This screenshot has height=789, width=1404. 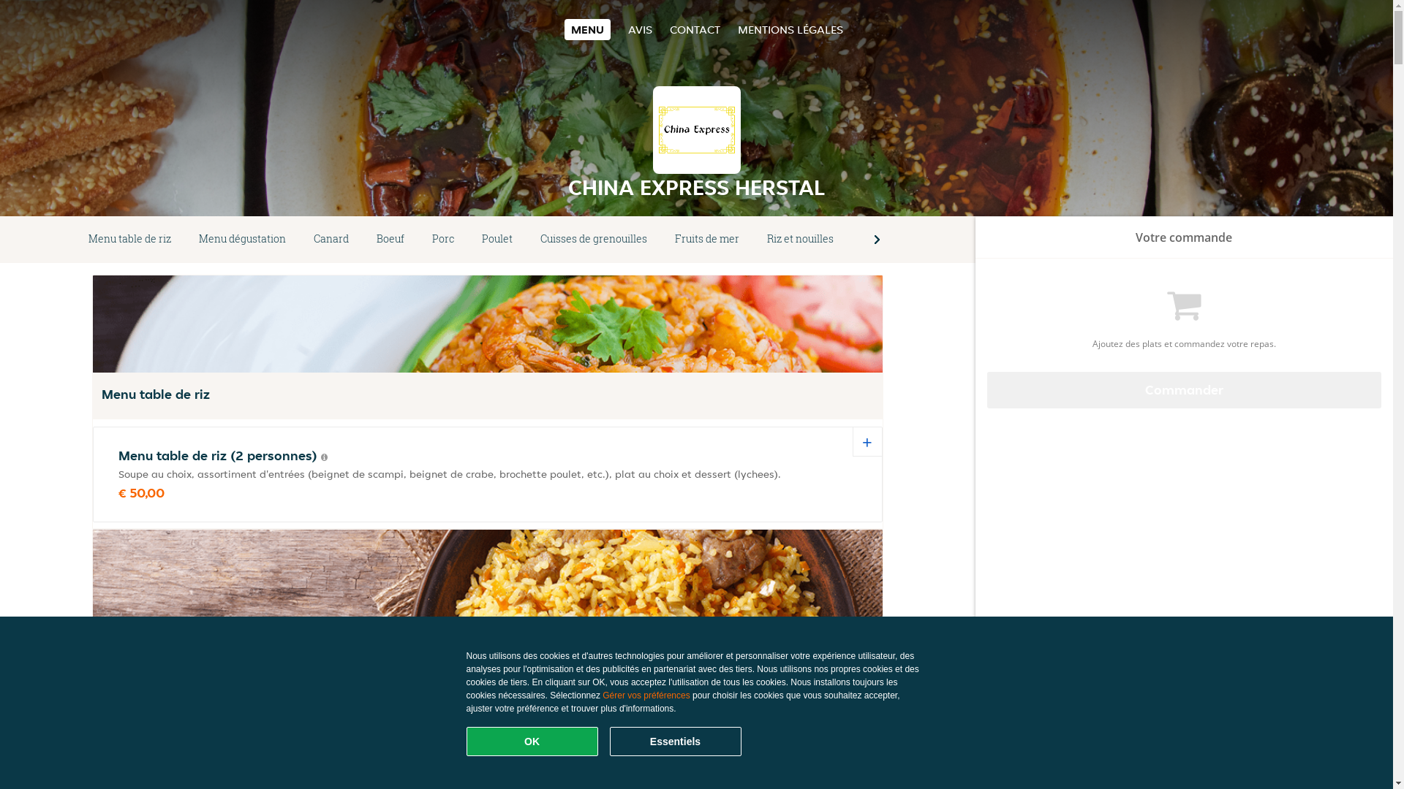 I want to click on 'CONTACT', so click(x=694, y=29).